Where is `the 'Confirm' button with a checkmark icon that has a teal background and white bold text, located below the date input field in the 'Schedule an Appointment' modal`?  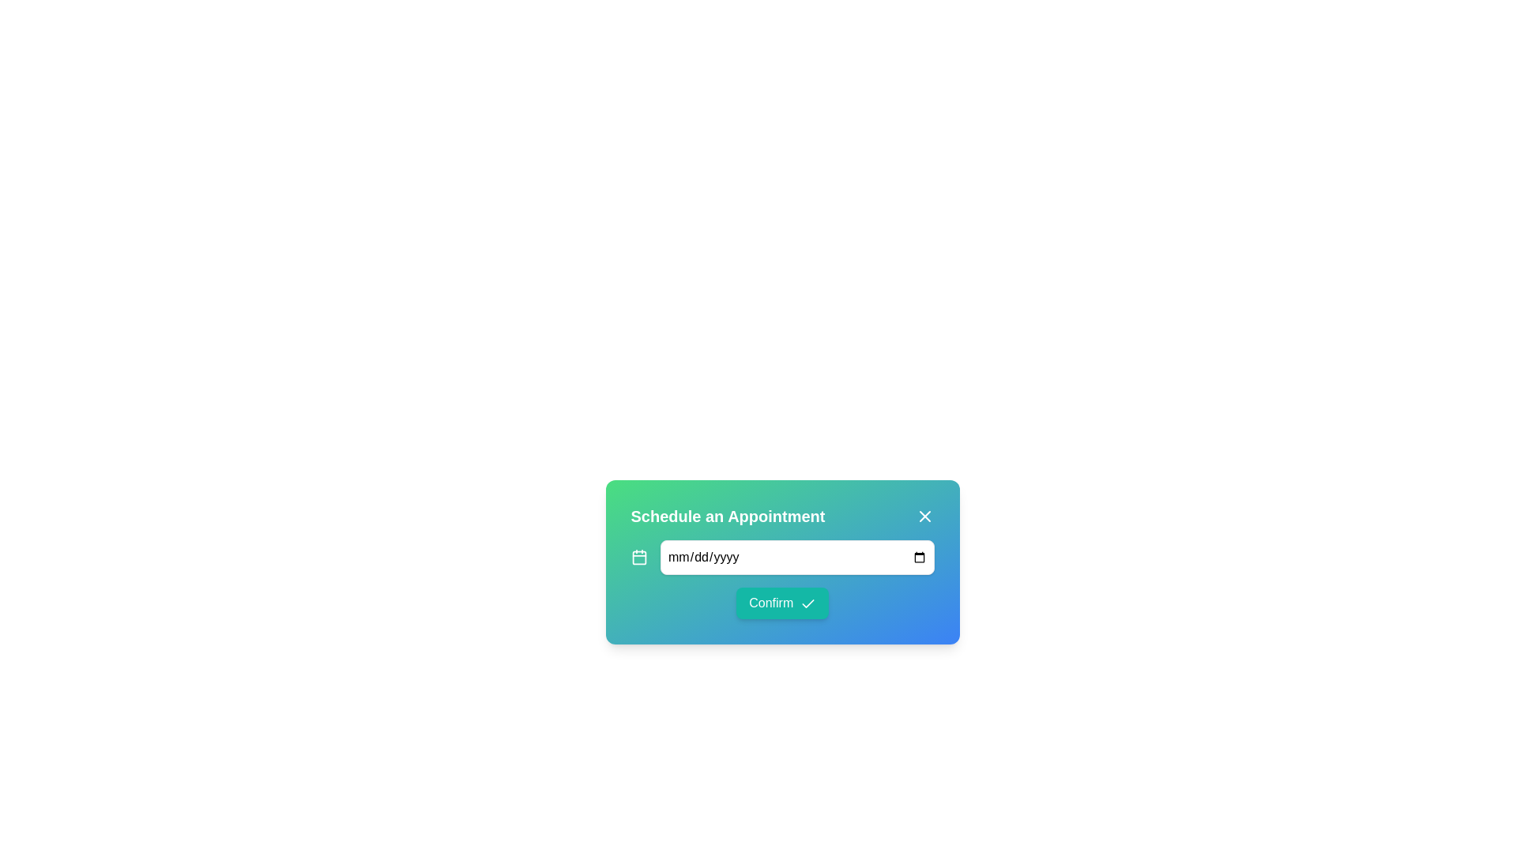
the 'Confirm' button with a checkmark icon that has a teal background and white bold text, located below the date input field in the 'Schedule an Appointment' modal is located at coordinates (782, 579).